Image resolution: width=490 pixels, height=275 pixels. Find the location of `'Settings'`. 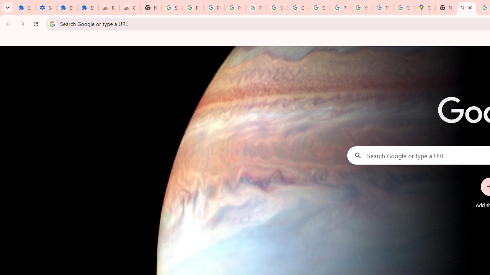

'Settings' is located at coordinates (45, 8).